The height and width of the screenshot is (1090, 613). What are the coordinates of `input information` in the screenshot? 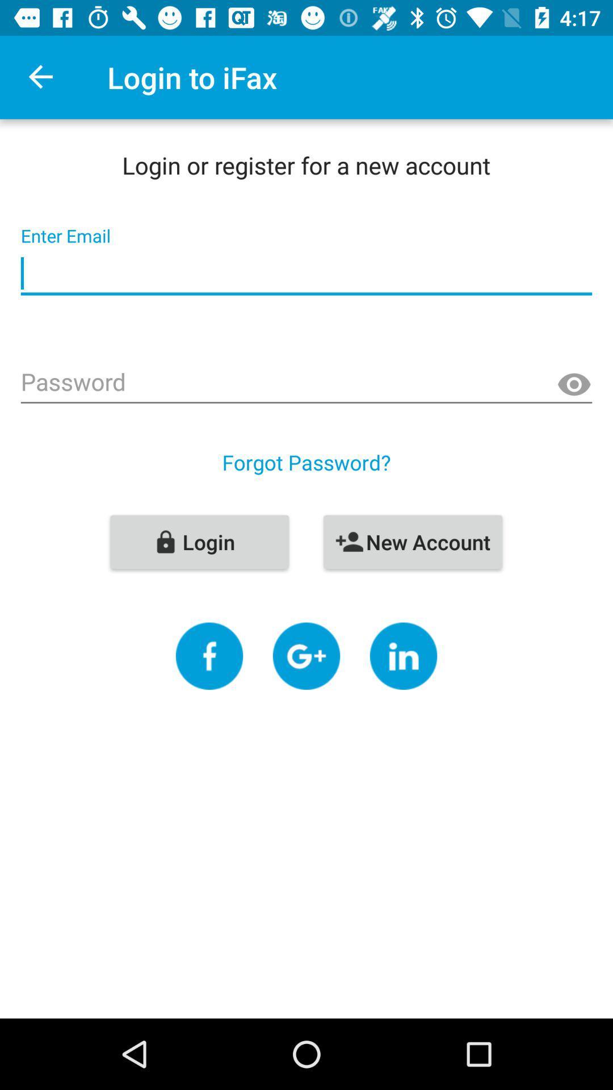 It's located at (306, 274).